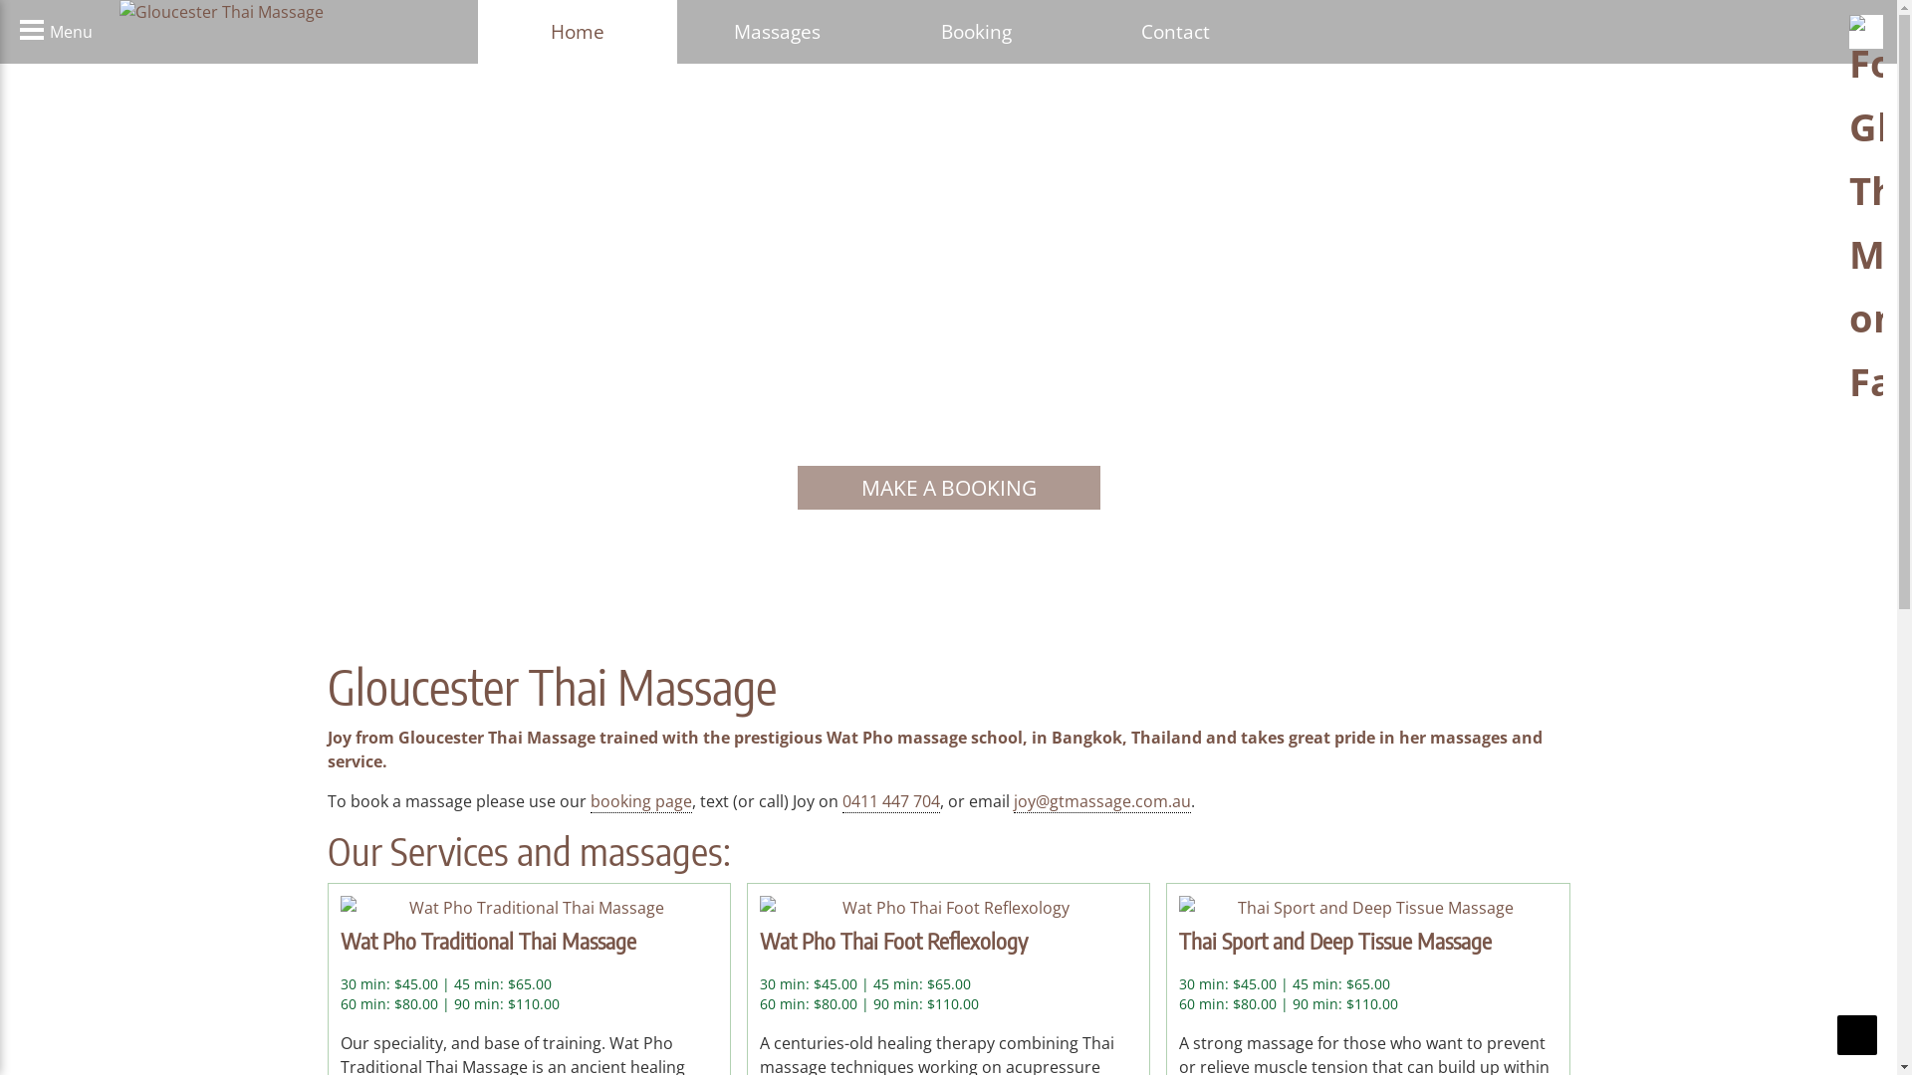 This screenshot has width=1912, height=1075. What do you see at coordinates (947, 907) in the screenshot?
I see `'Wat Pho Thai Foot Reflexology'` at bounding box center [947, 907].